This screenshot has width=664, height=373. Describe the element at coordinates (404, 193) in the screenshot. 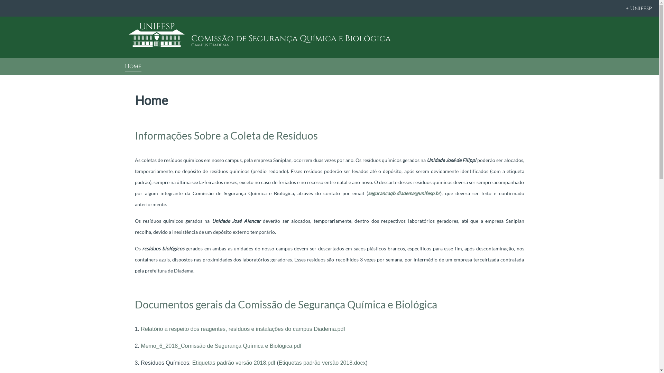

I see `'segurancaqb.diadema@unifesp.br'` at that location.